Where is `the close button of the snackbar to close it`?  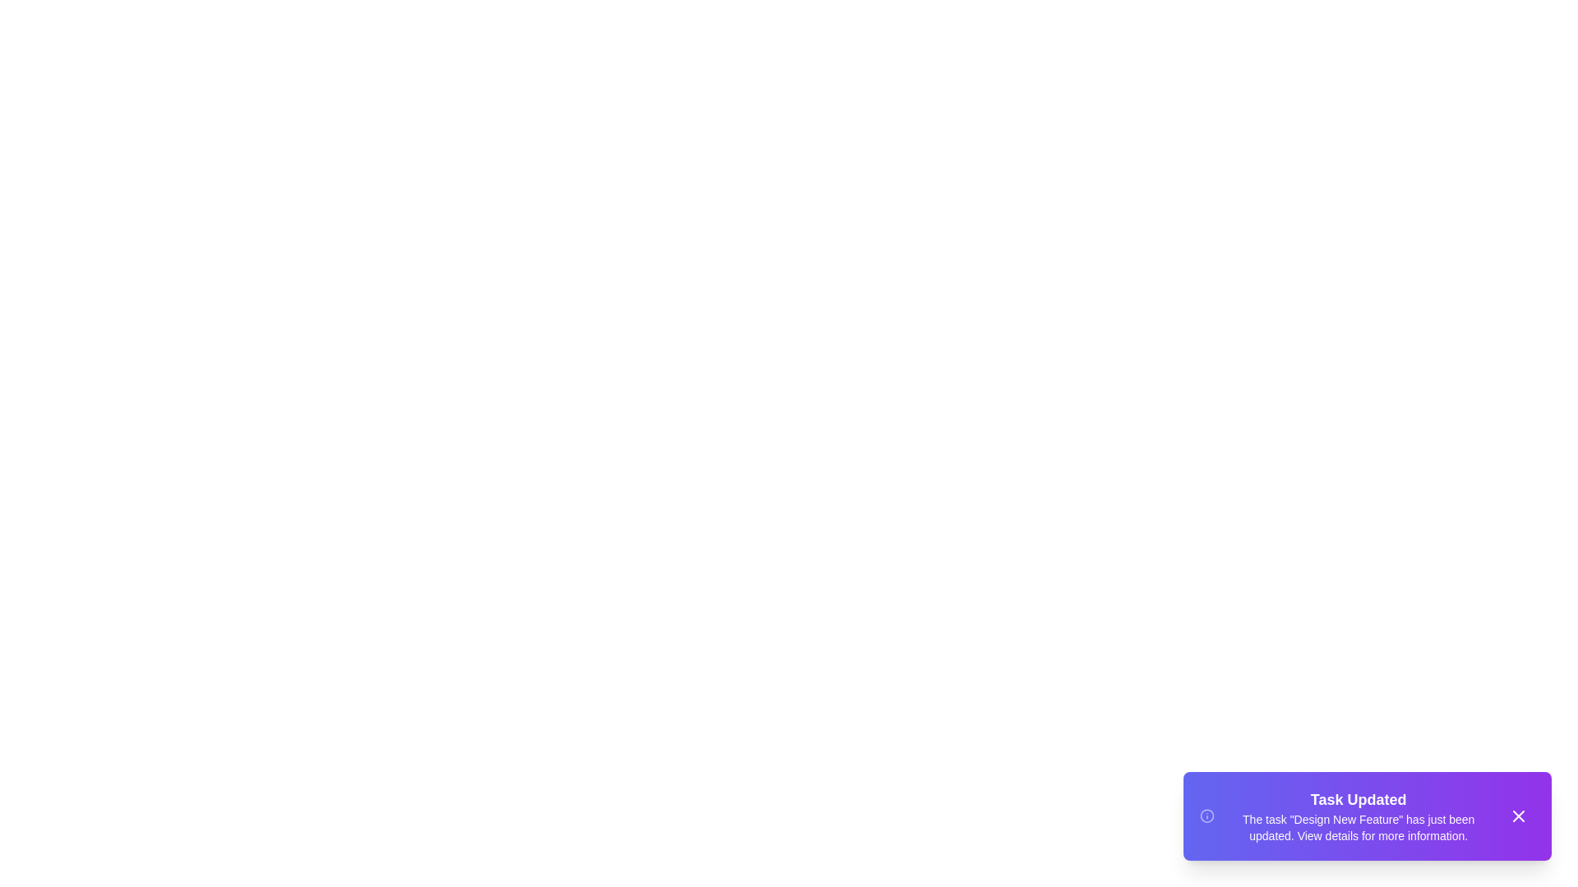
the close button of the snackbar to close it is located at coordinates (1518, 816).